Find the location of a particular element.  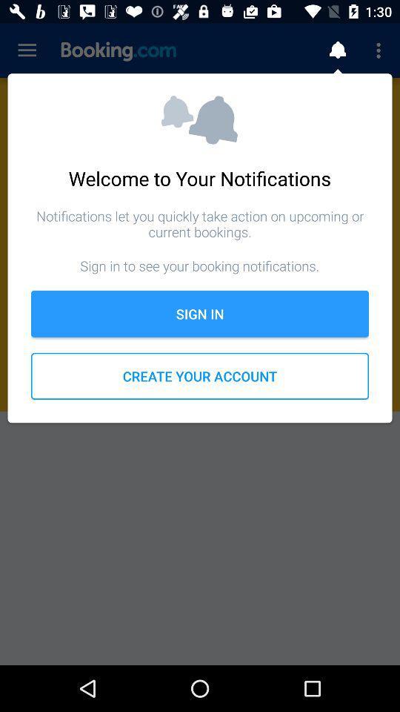

click for notification is located at coordinates (337, 50).